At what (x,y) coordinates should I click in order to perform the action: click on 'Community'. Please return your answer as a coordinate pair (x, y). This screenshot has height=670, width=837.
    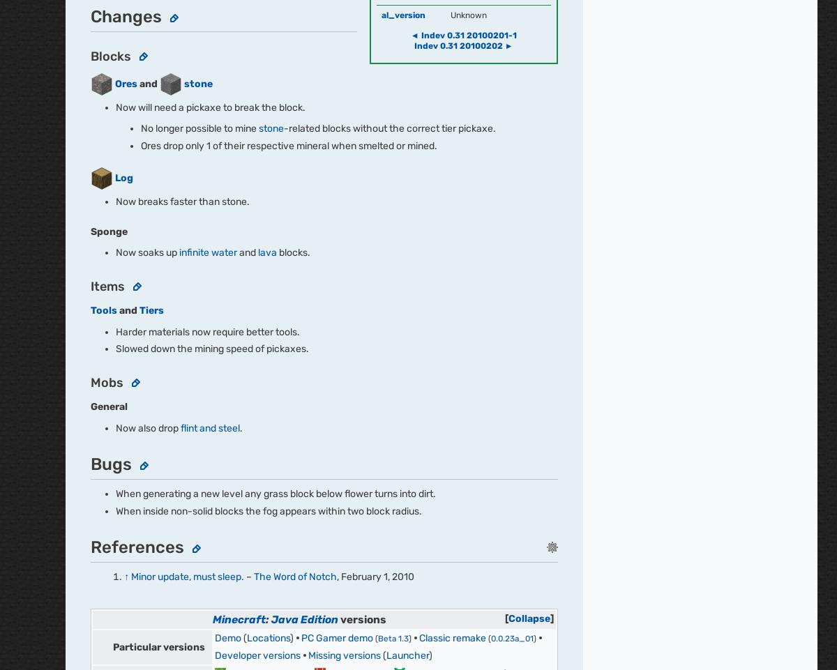
    Looking at the image, I should click on (474, 192).